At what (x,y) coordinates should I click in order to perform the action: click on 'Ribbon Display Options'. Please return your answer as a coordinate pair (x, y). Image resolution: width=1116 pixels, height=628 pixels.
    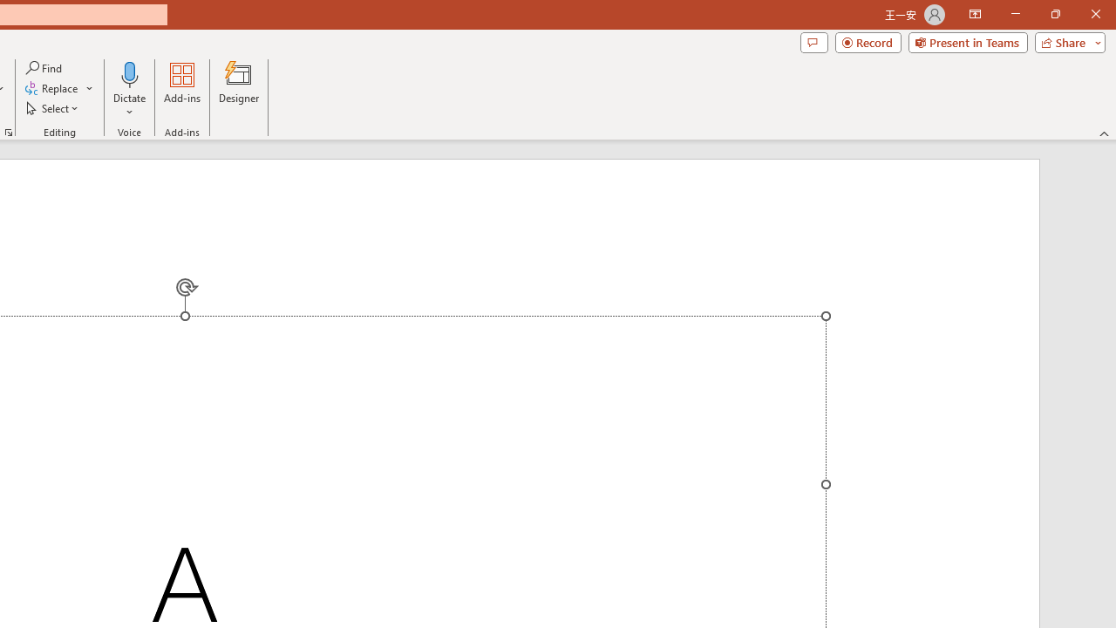
    Looking at the image, I should click on (974, 14).